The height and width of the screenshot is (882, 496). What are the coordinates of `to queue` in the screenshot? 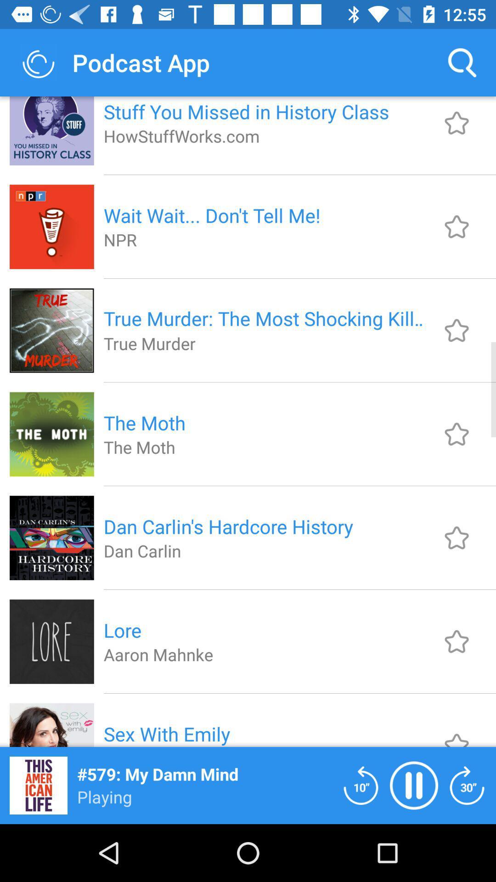 It's located at (457, 537).